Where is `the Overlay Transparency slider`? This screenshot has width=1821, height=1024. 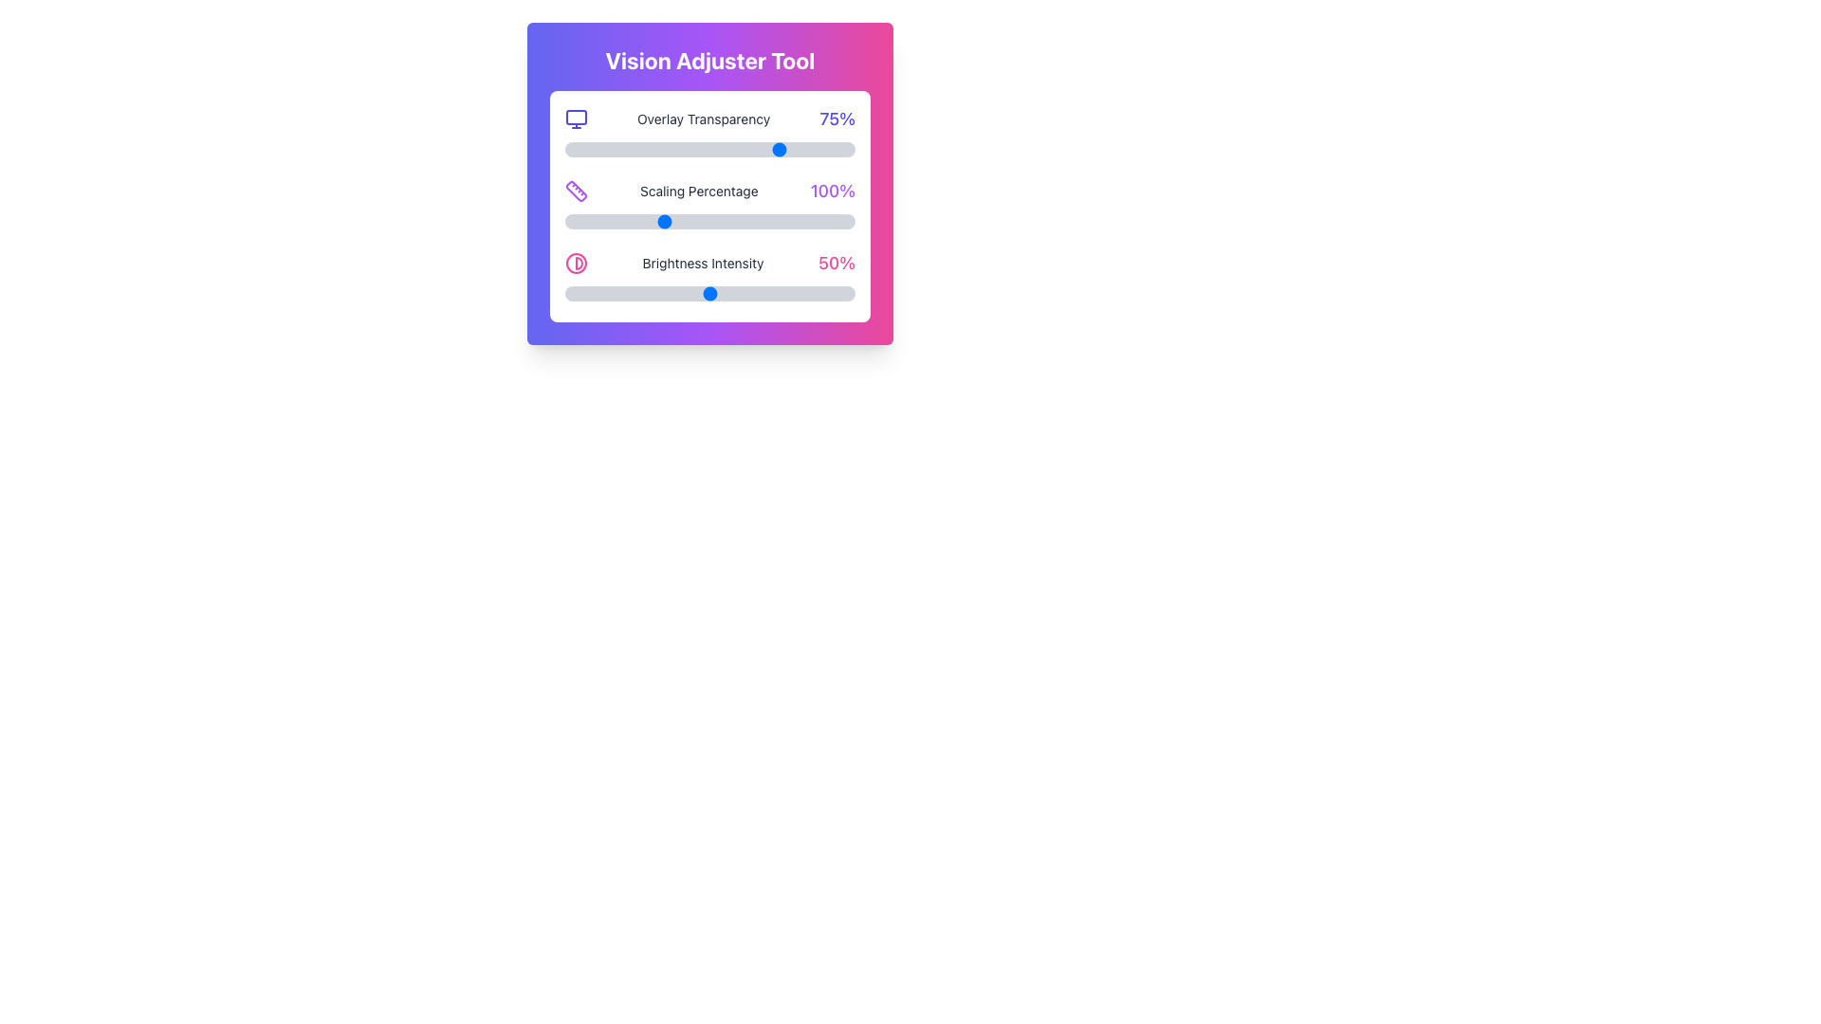 the Overlay Transparency slider is located at coordinates (703, 149).